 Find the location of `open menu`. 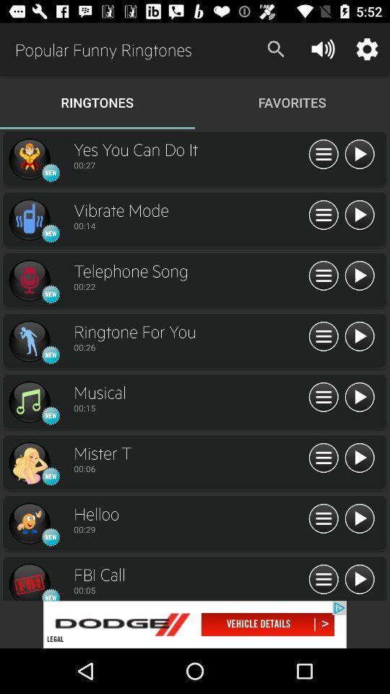

open menu is located at coordinates (324, 580).